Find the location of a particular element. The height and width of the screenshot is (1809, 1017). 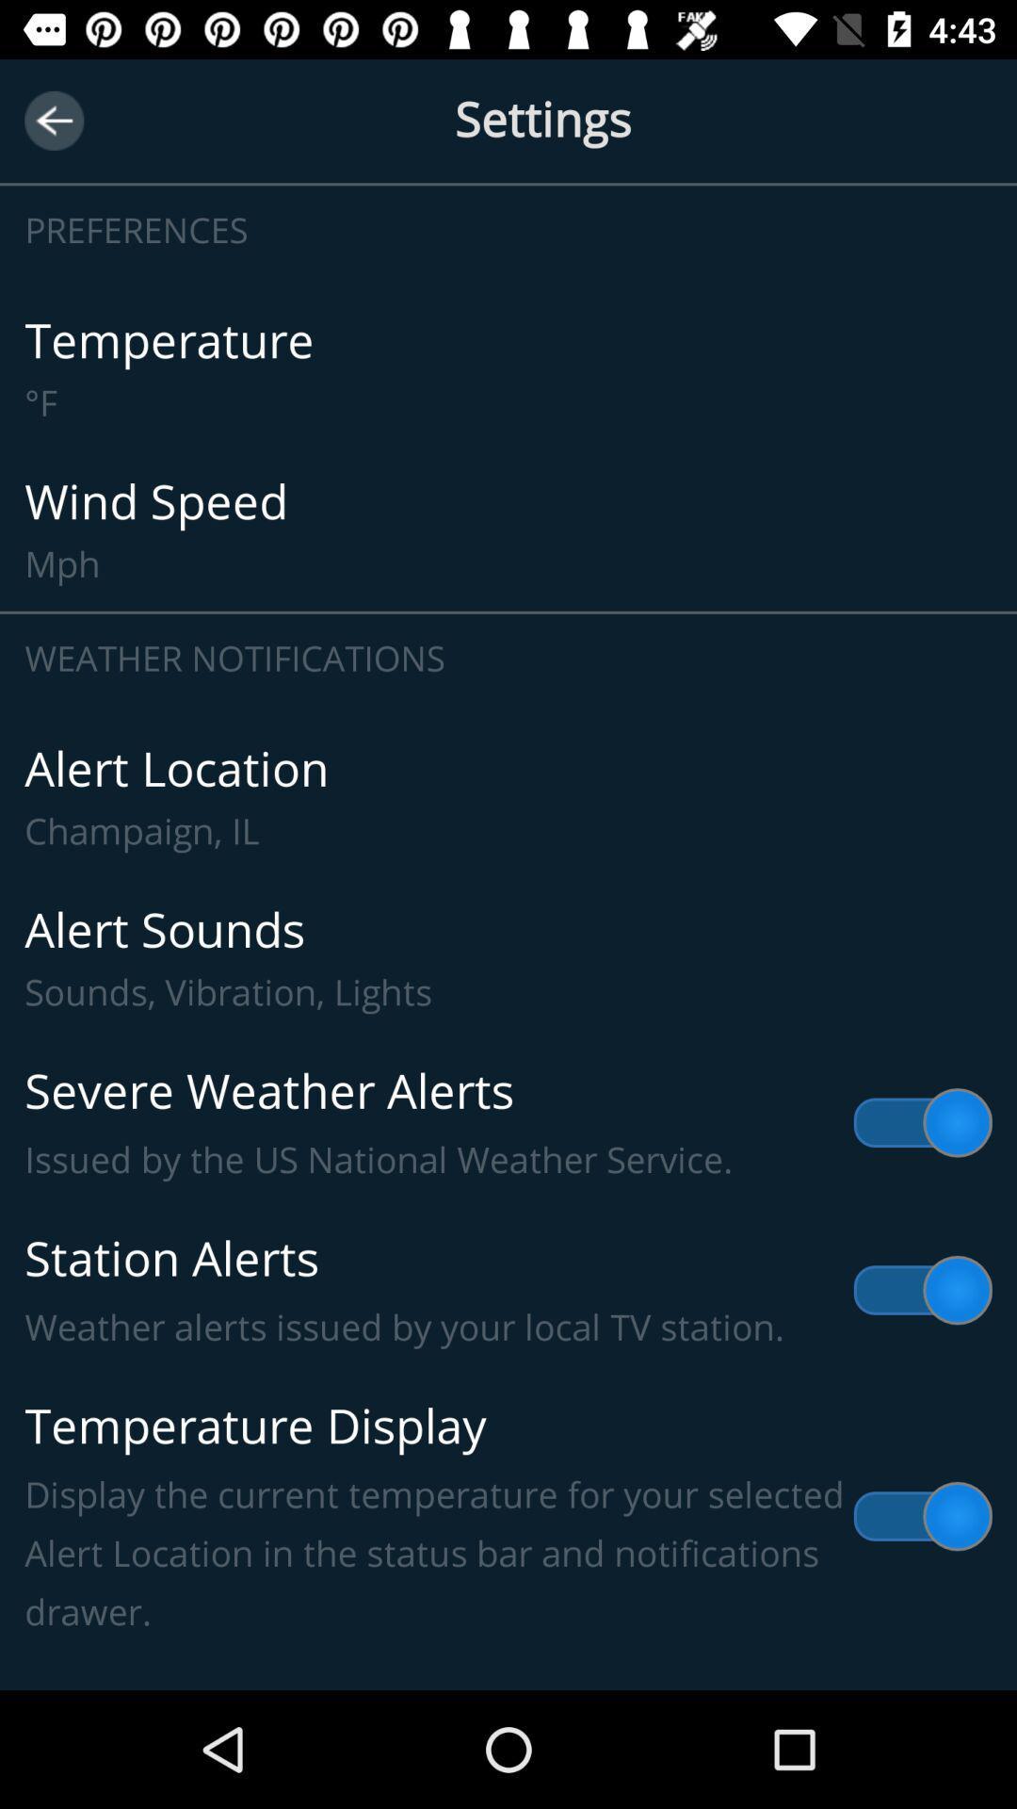

next is located at coordinates (53, 120).